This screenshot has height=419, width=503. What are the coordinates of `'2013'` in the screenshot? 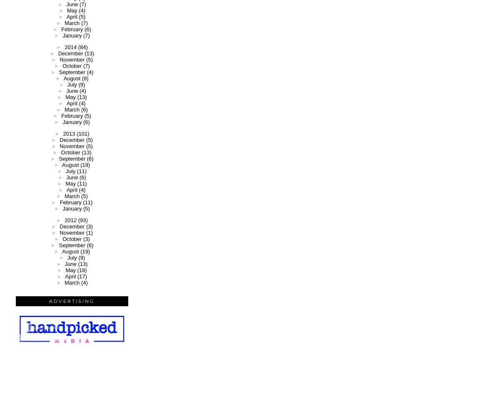 It's located at (69, 134).